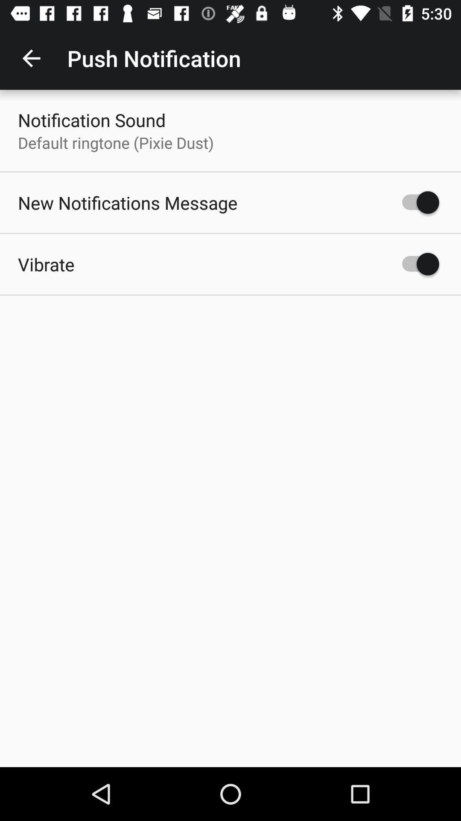 The image size is (461, 821). I want to click on item next to the push notification, so click(31, 58).